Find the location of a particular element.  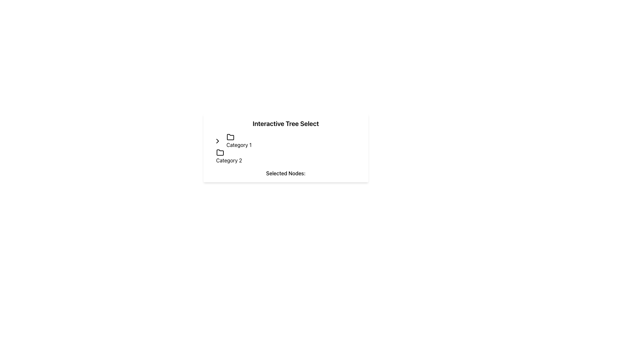

the second folder icon, which is part of the 'Interactive Tree Select' section and is labeled 'Category 2' is located at coordinates (220, 152).